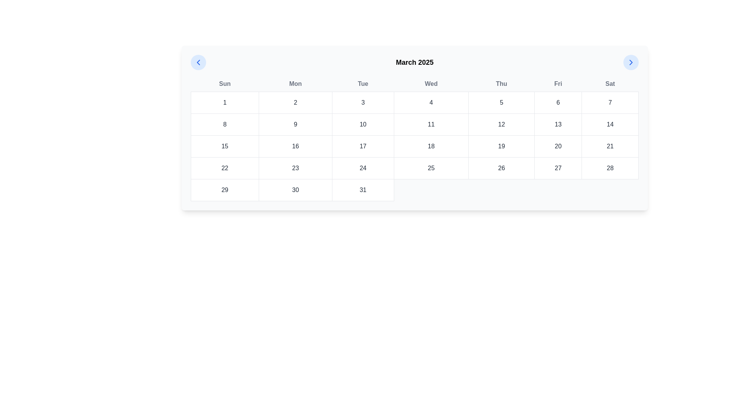 This screenshot has height=414, width=737. What do you see at coordinates (224, 146) in the screenshot?
I see `the clickable calendar cell containing the text '15', which is styled with a white background and gray text, located in the first column of the third row of the calendar grid` at bounding box center [224, 146].